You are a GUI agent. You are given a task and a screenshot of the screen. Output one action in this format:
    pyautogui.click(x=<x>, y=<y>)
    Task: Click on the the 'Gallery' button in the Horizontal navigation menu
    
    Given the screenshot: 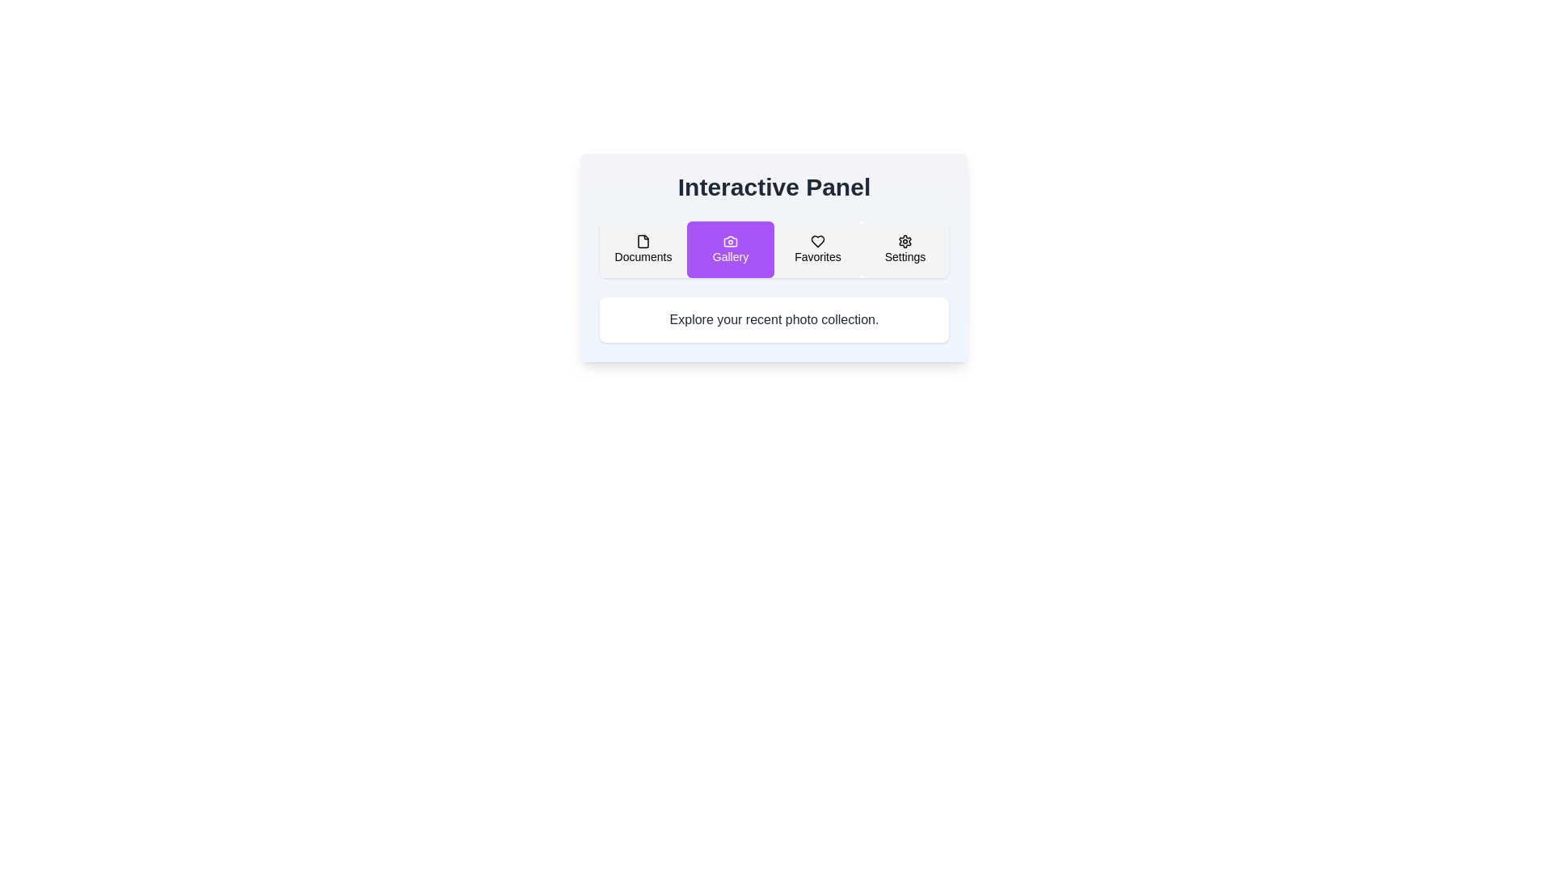 What is the action you would take?
    pyautogui.click(x=774, y=249)
    